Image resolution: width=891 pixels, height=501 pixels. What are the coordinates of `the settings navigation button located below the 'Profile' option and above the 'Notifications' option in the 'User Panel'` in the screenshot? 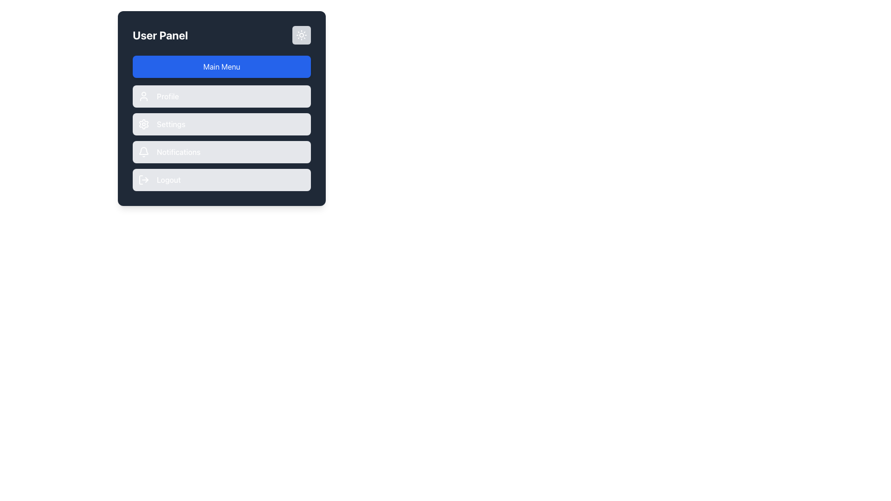 It's located at (221, 123).